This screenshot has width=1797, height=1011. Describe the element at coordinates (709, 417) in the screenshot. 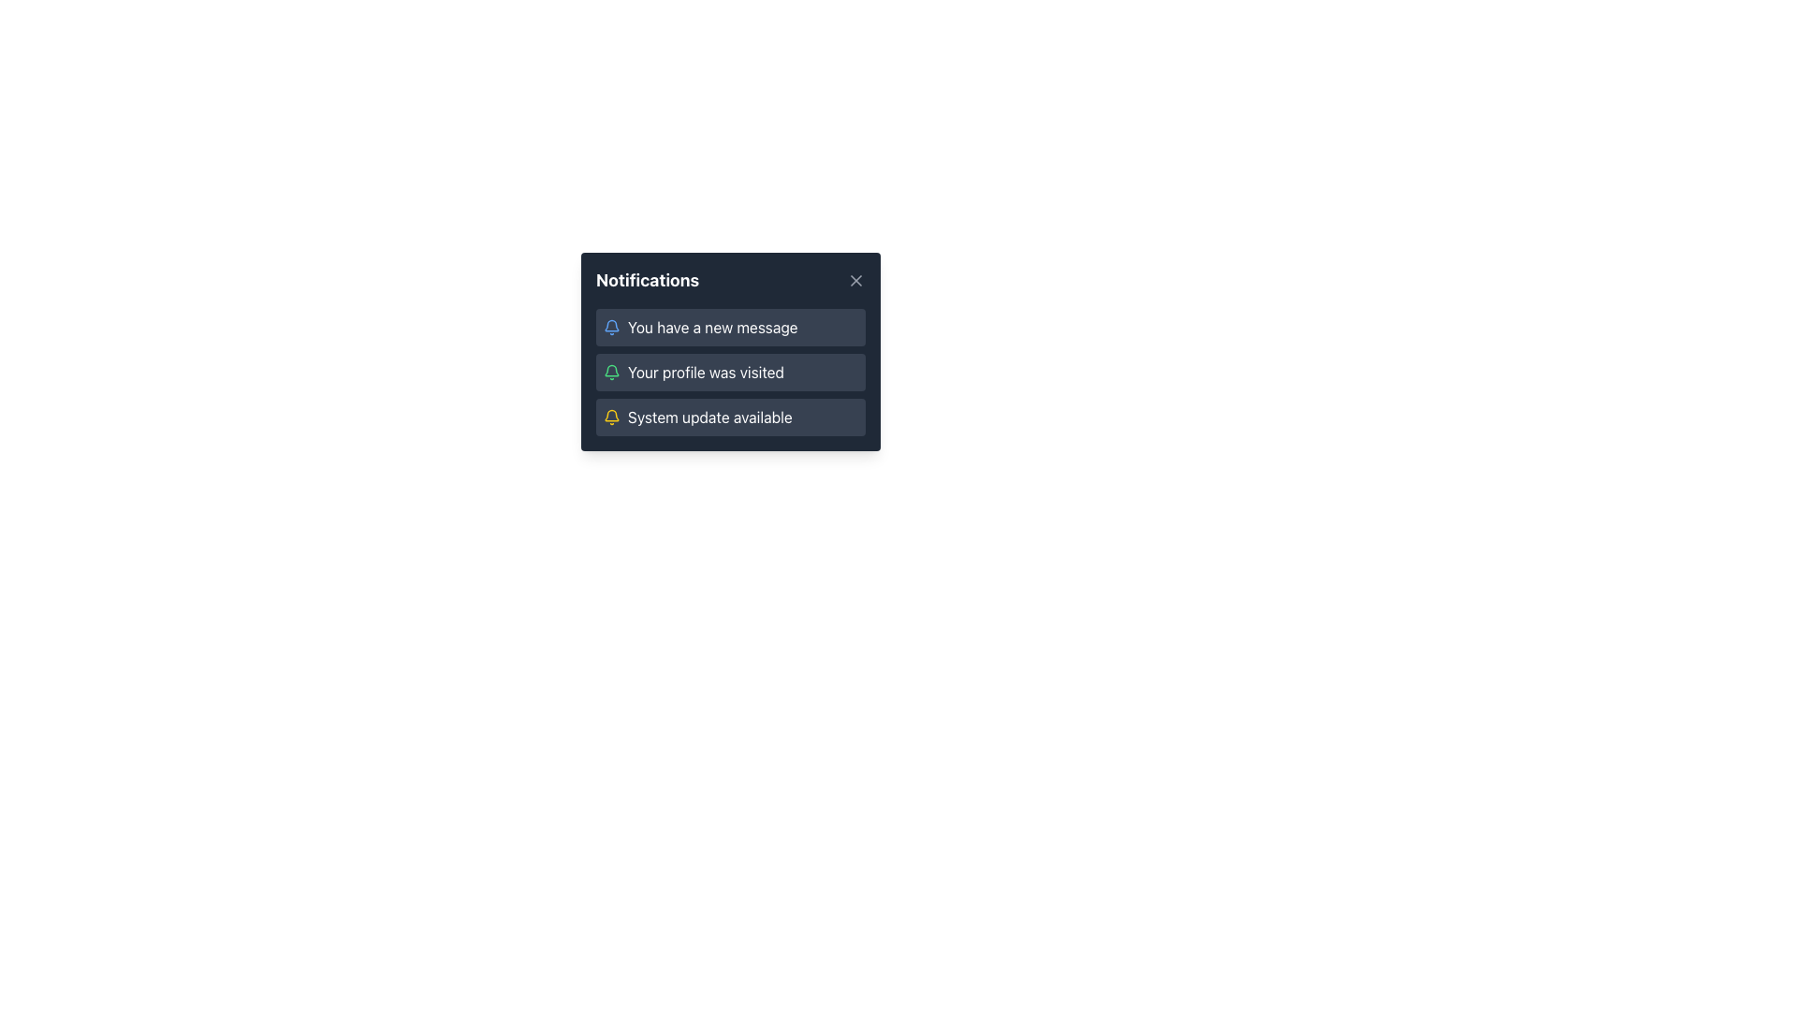

I see `the text label that reads 'System update available', which is the last item in the notification list` at that location.